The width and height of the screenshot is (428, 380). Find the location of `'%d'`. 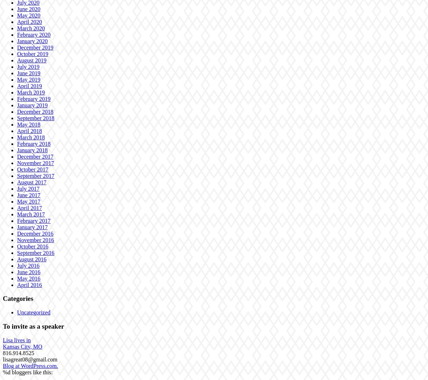

'%d' is located at coordinates (6, 372).